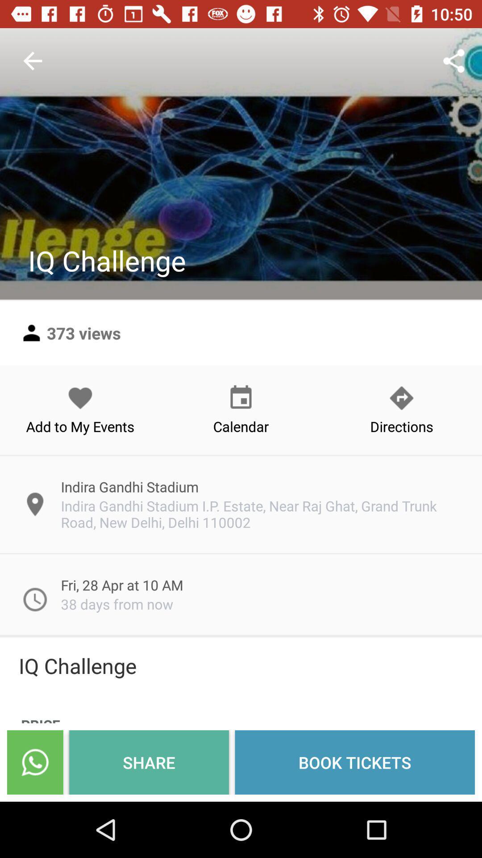 The width and height of the screenshot is (482, 858). I want to click on the icon at the top left corner, so click(32, 60).